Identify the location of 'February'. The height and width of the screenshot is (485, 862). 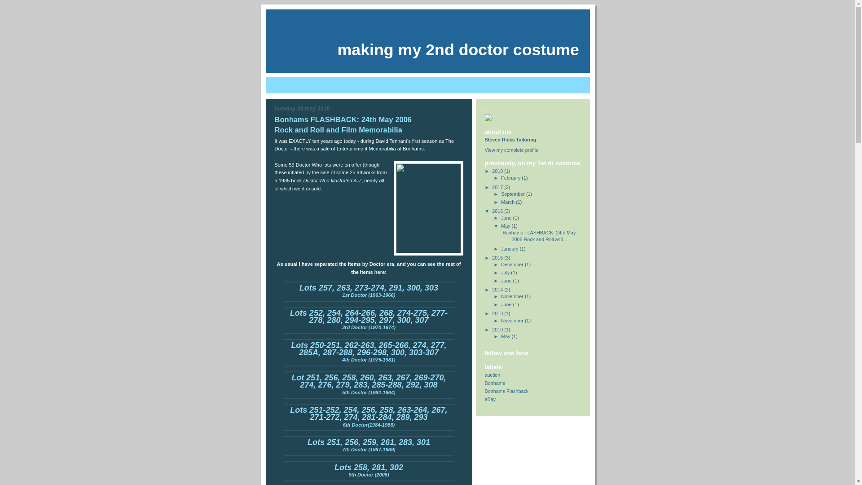
(511, 178).